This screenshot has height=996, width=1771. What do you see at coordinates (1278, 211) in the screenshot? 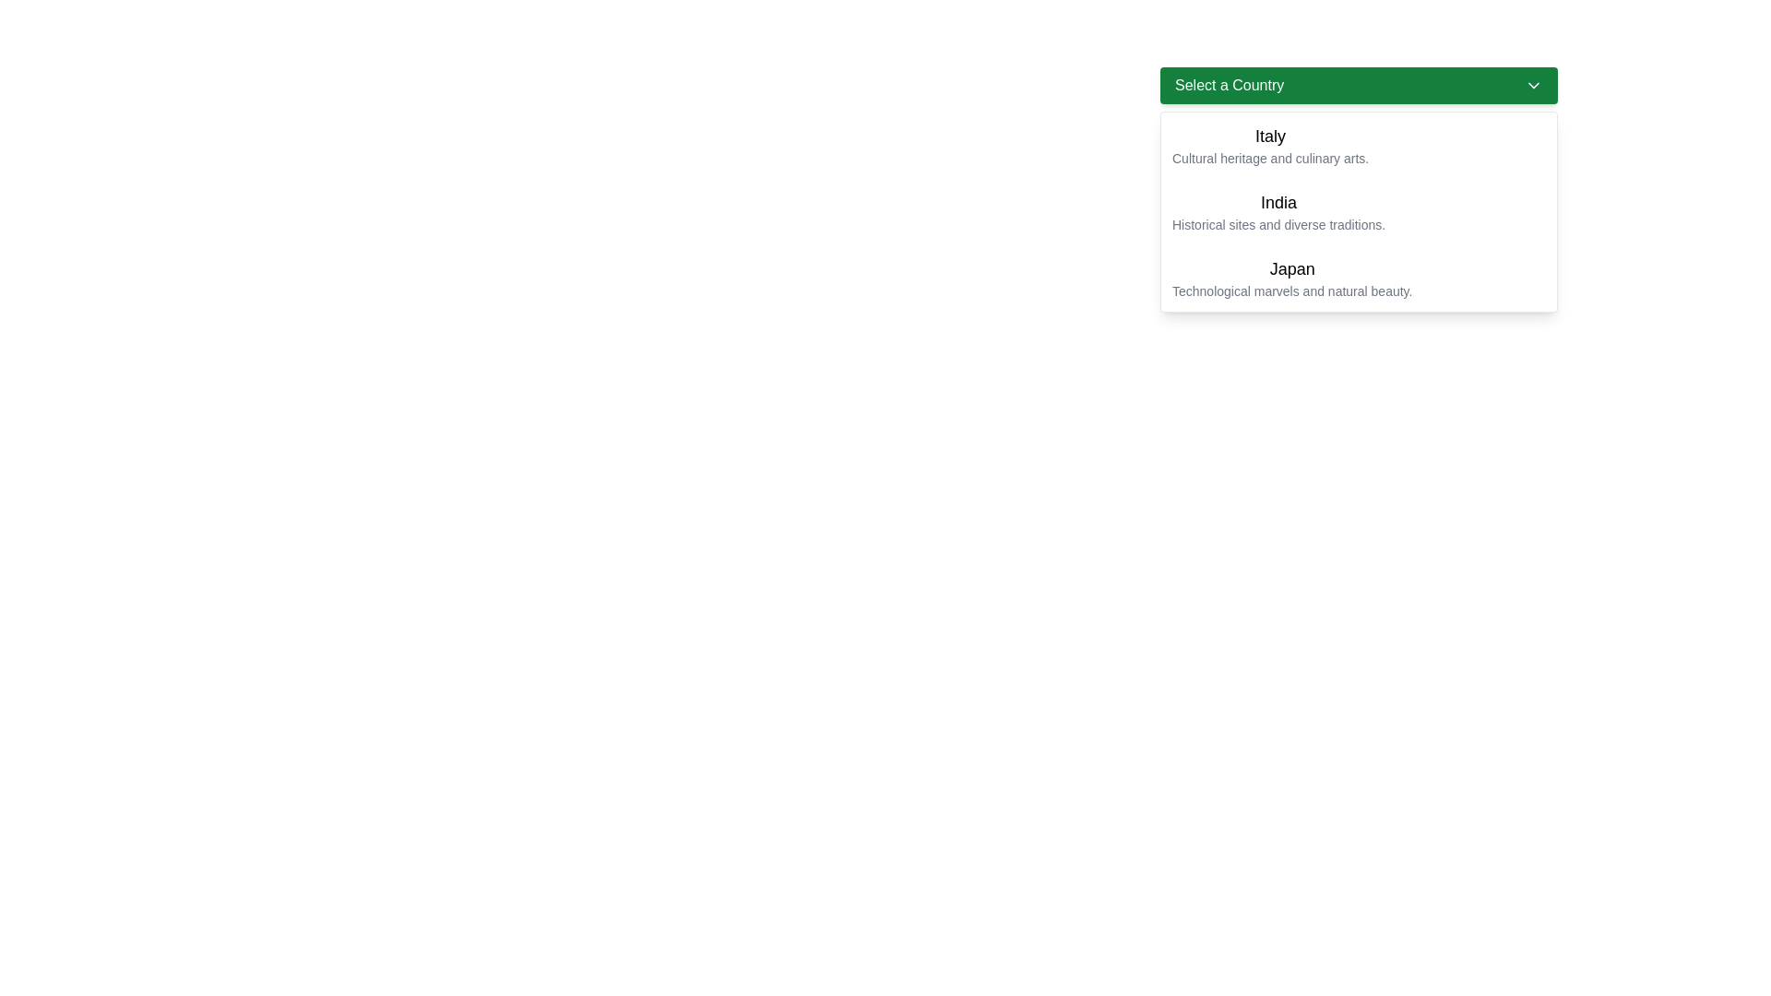
I see `the dropdown menu option displaying 'India' with a description of 'Historical sites and diverse traditions'` at bounding box center [1278, 211].